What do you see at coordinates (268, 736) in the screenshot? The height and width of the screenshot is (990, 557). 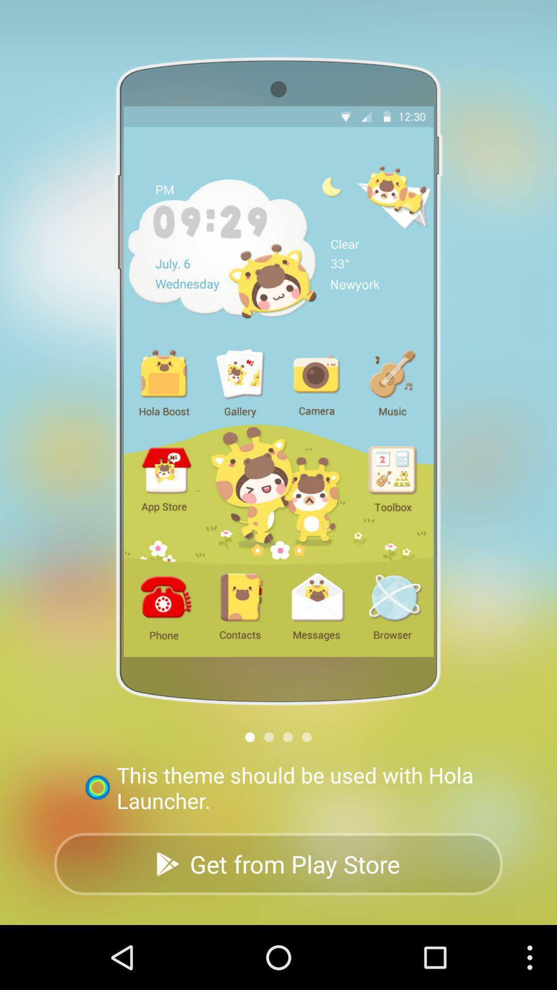 I see `the icon above the this theme should` at bounding box center [268, 736].